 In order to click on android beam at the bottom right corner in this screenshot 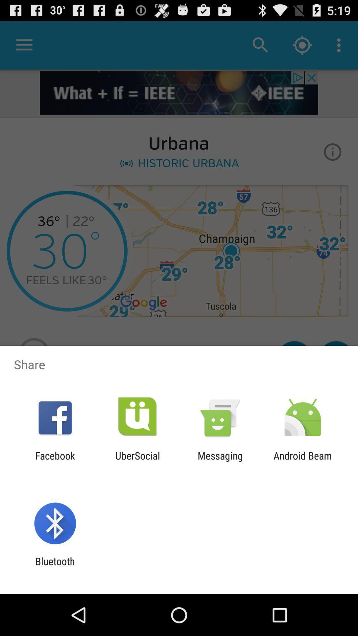, I will do `click(303, 461)`.